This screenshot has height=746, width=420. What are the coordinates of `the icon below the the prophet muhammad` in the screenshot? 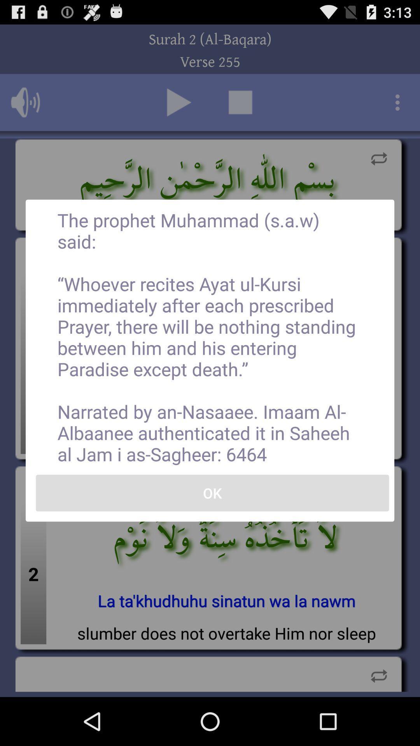 It's located at (212, 492).